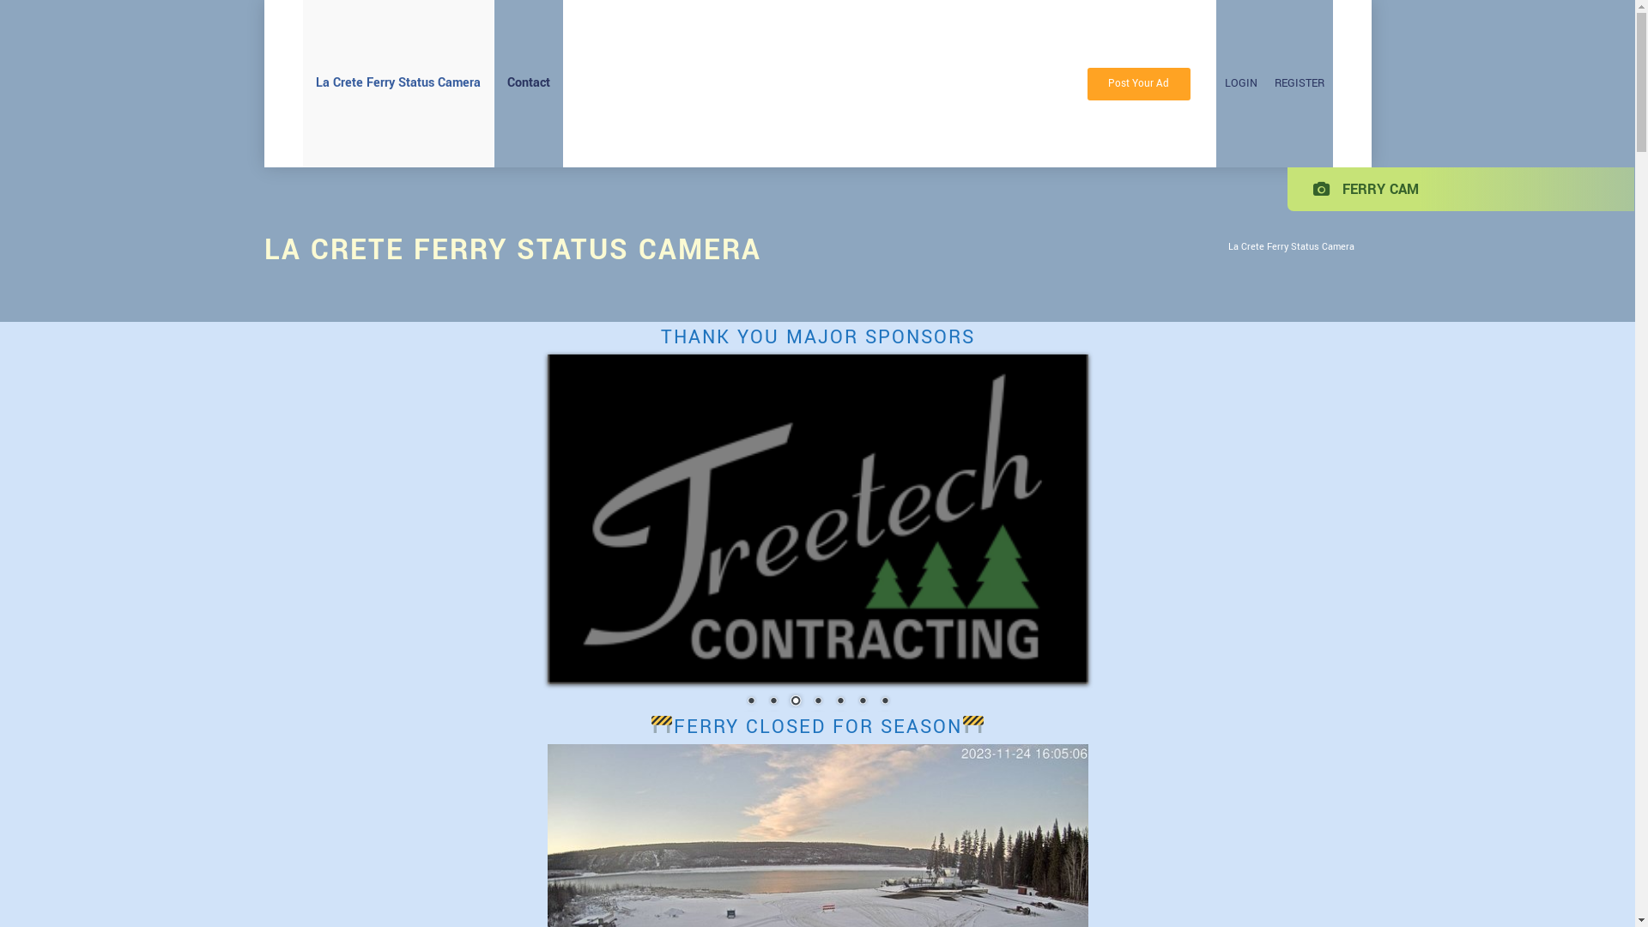 This screenshot has width=1648, height=927. Describe the element at coordinates (1137, 83) in the screenshot. I see `'Post Your Ad'` at that location.